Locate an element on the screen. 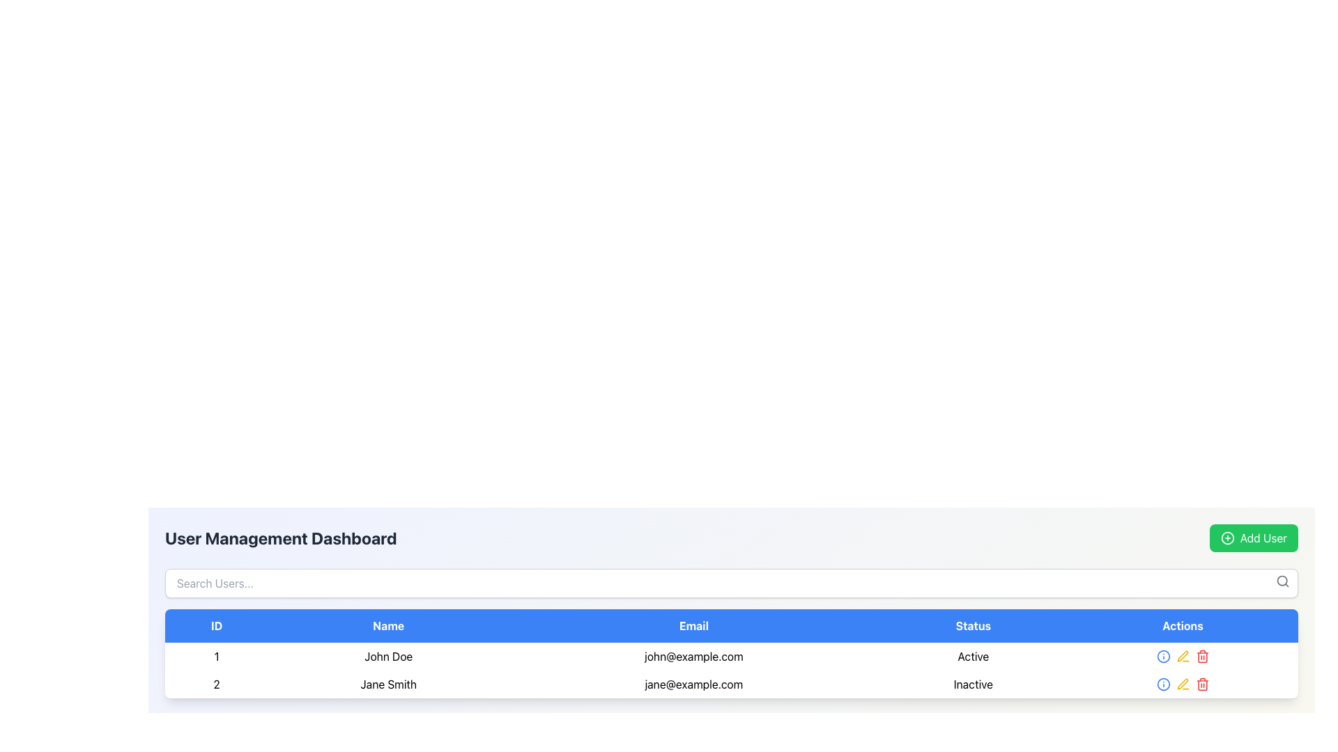 The width and height of the screenshot is (1338, 752). the search trigger icon located in the top-right corner of the search bar within the 'User Management Dashboard' section to initiate the search process for the entered query is located at coordinates (1282, 581).